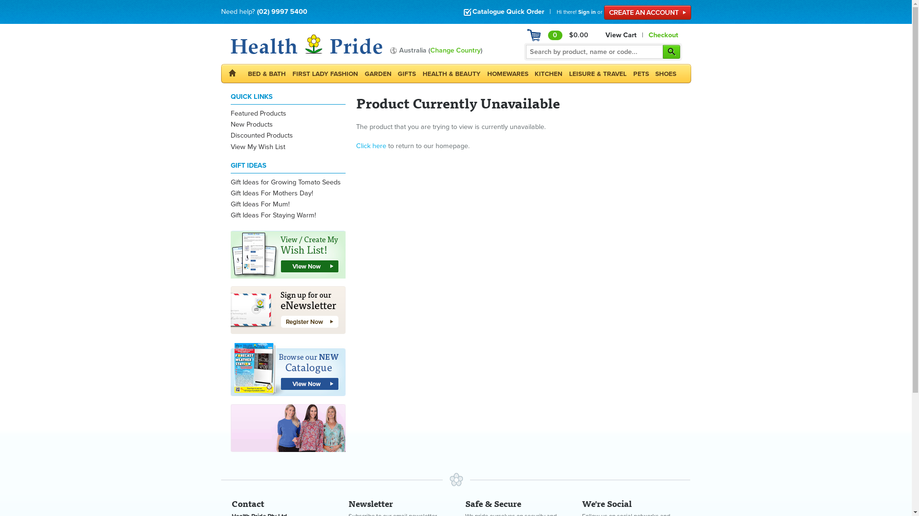 Image resolution: width=919 pixels, height=516 pixels. Describe the element at coordinates (258, 147) in the screenshot. I see `'View My Wish List'` at that location.